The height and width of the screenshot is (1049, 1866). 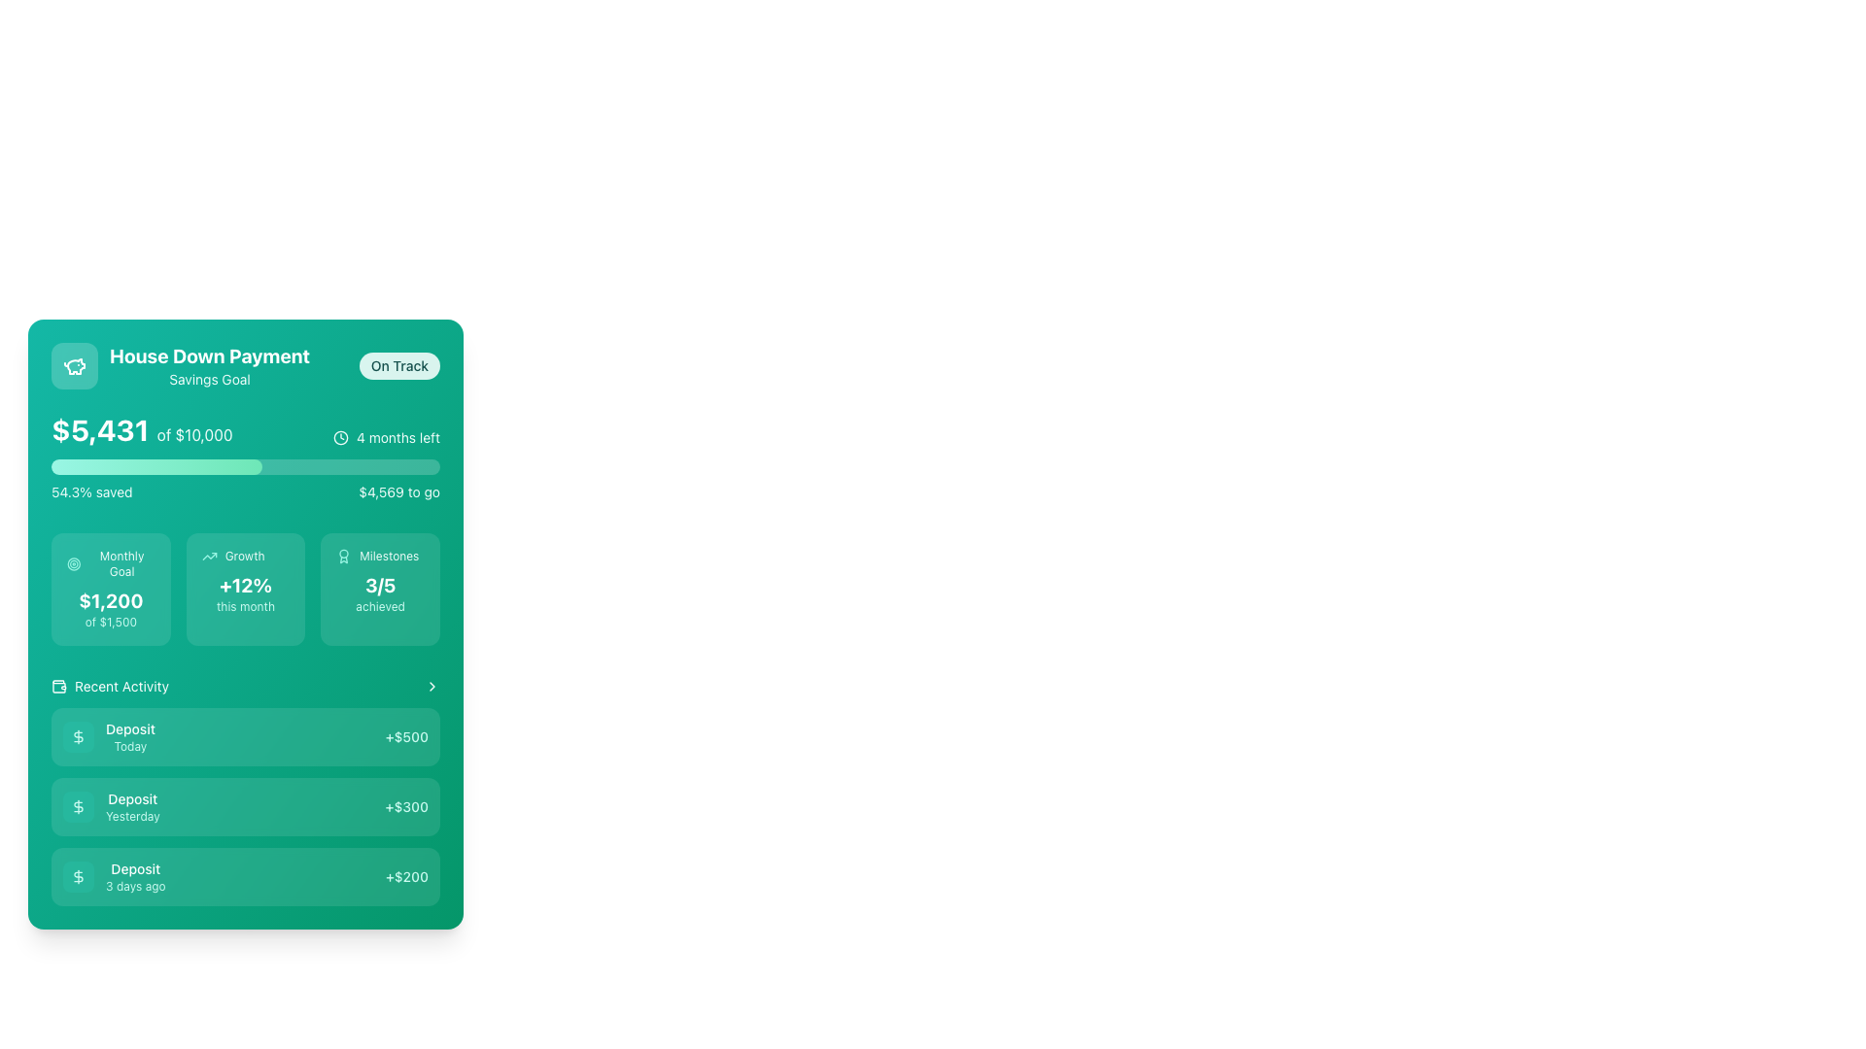 What do you see at coordinates (405, 876) in the screenshot?
I see `the text label displaying '+$200' in teal color, which is part of the 'Recent Activity' section and located in the rightmost portion of the final transaction entry row` at bounding box center [405, 876].